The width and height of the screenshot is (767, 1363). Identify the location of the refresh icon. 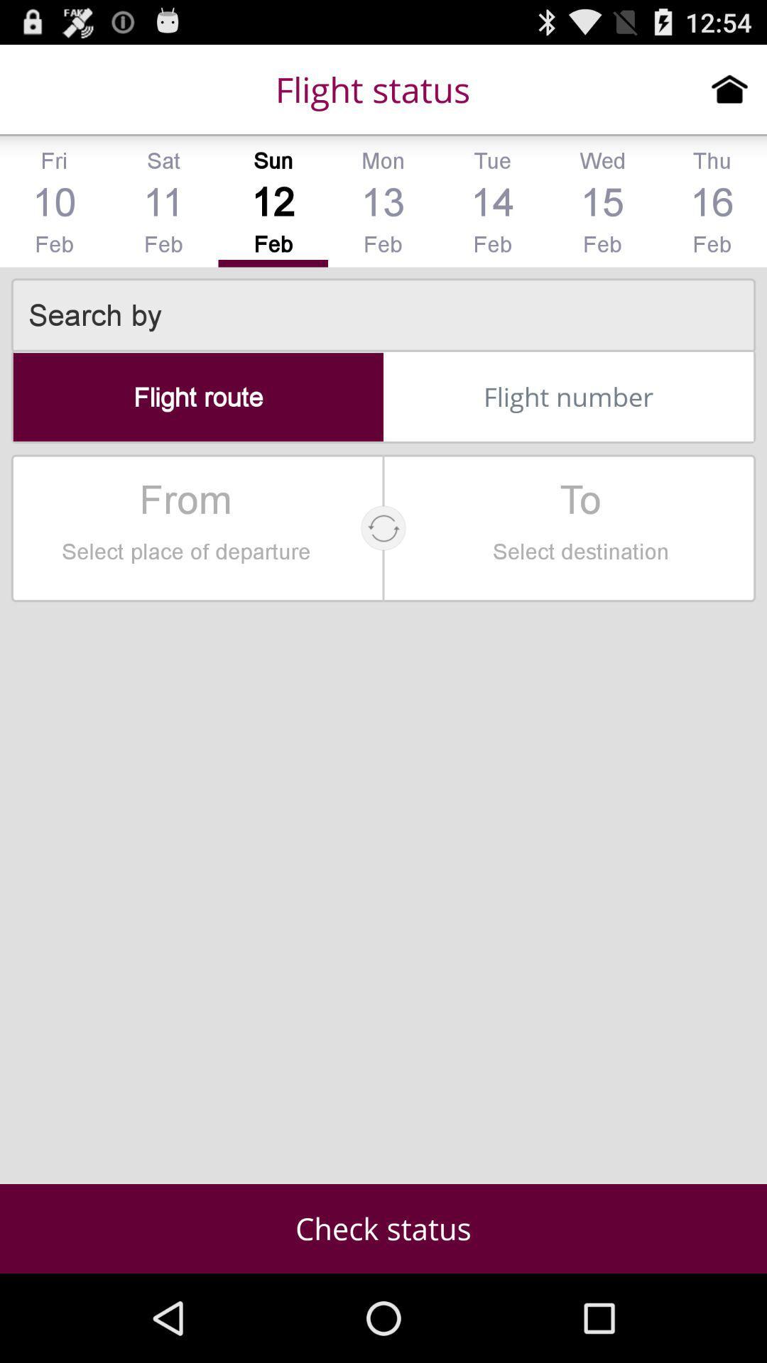
(383, 564).